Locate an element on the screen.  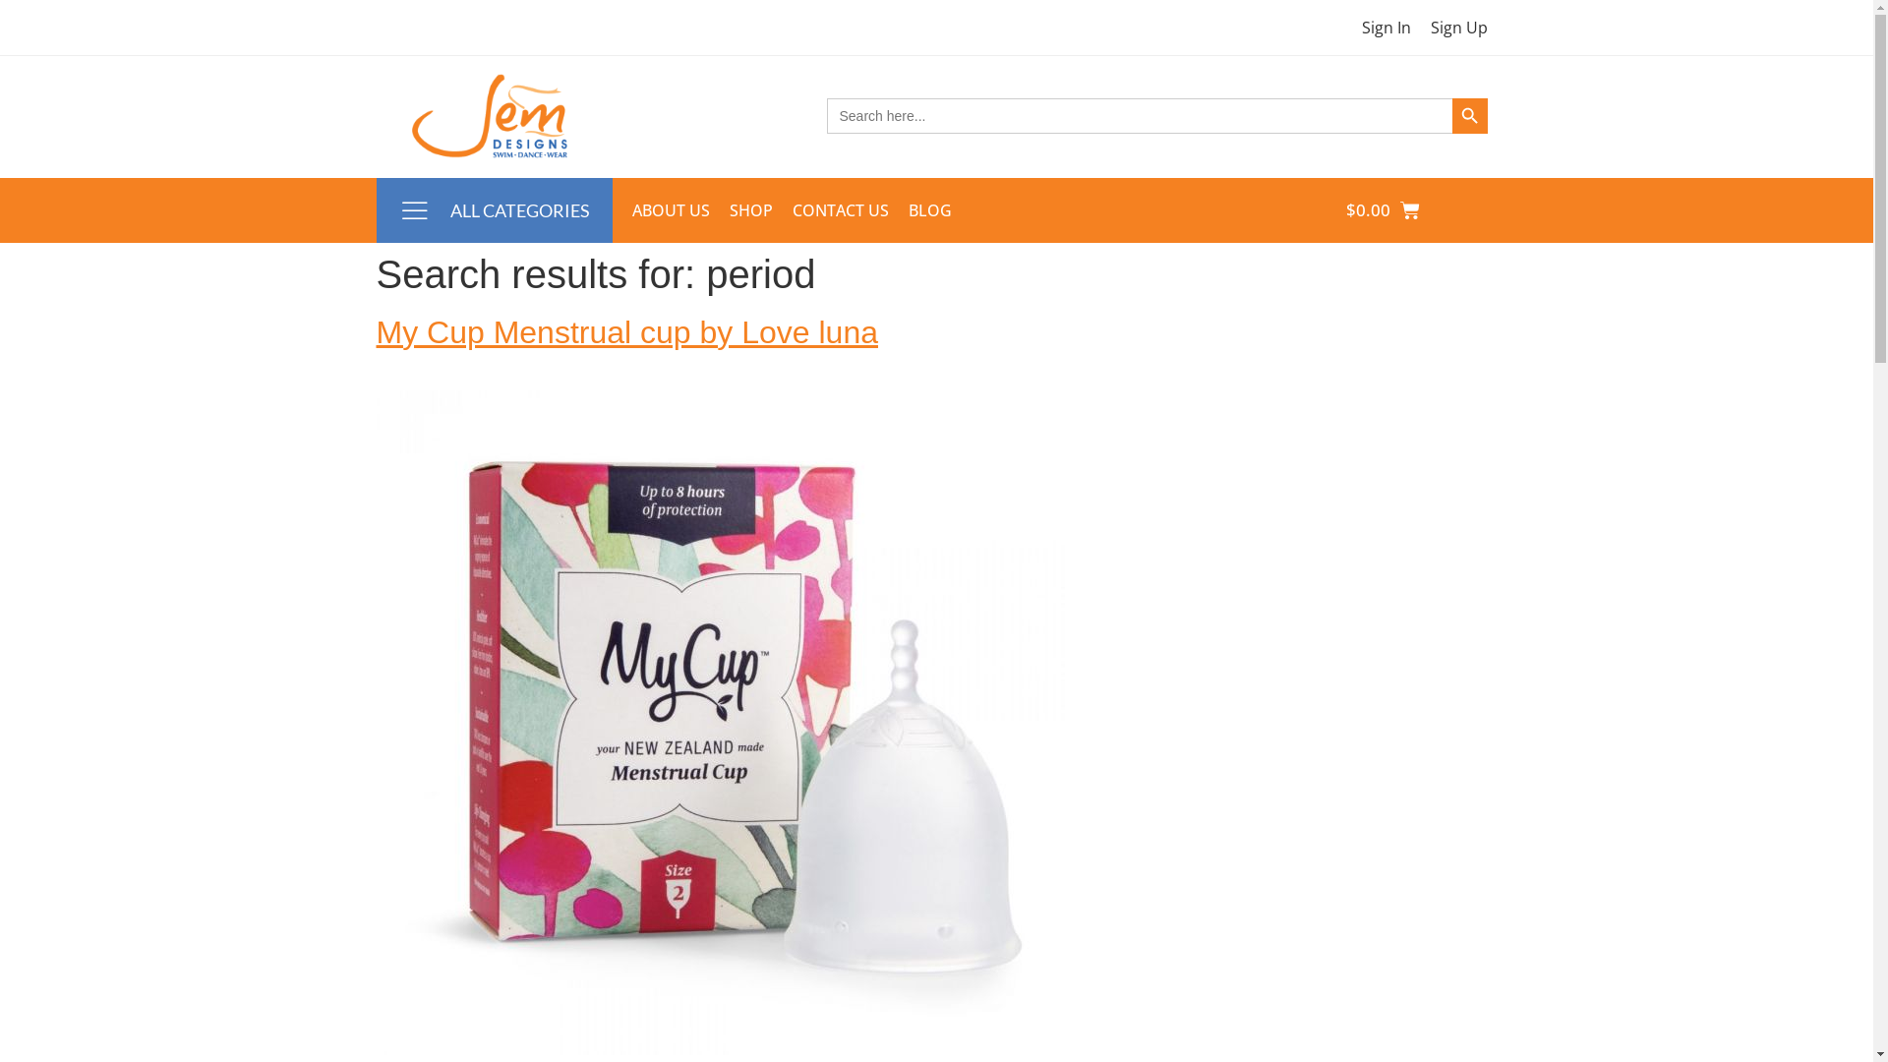
'ALL CATEGORIES' is located at coordinates (519, 209).